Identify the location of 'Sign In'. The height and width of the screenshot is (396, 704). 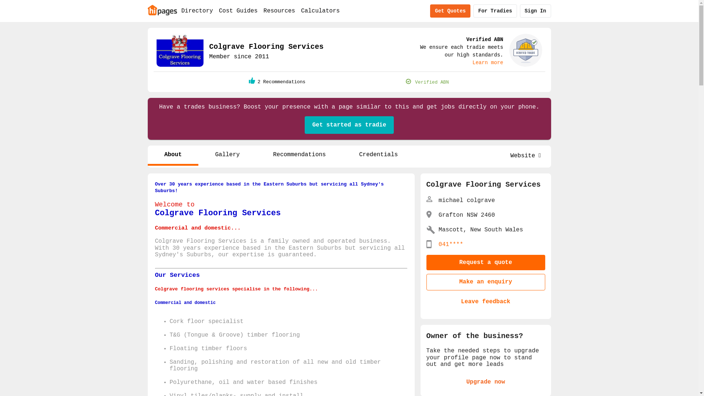
(519, 11).